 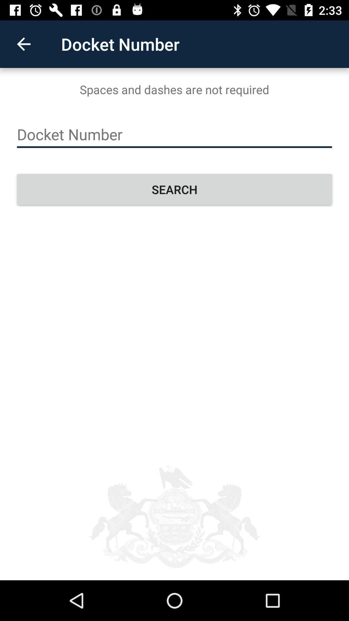 I want to click on item at the top left corner, so click(x=23, y=44).